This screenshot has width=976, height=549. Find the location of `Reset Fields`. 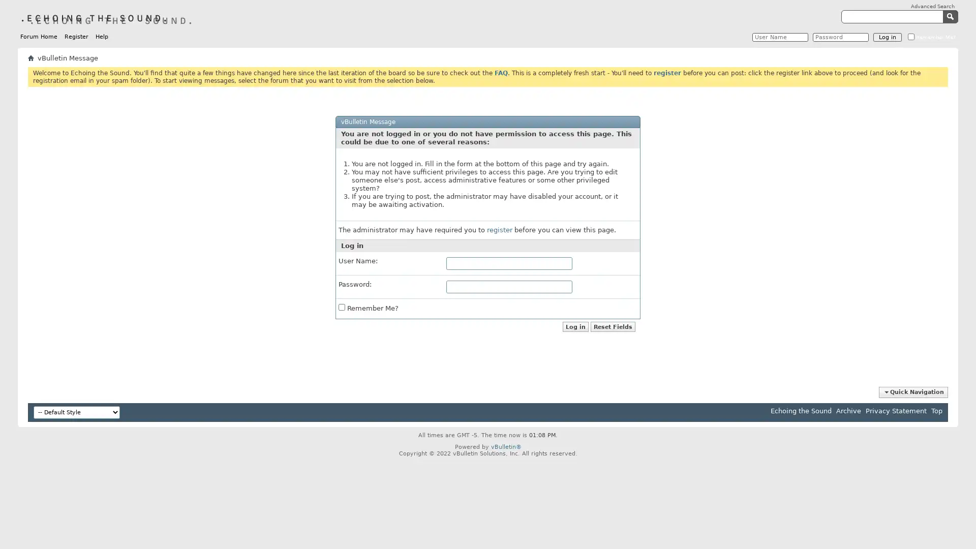

Reset Fields is located at coordinates (612, 327).